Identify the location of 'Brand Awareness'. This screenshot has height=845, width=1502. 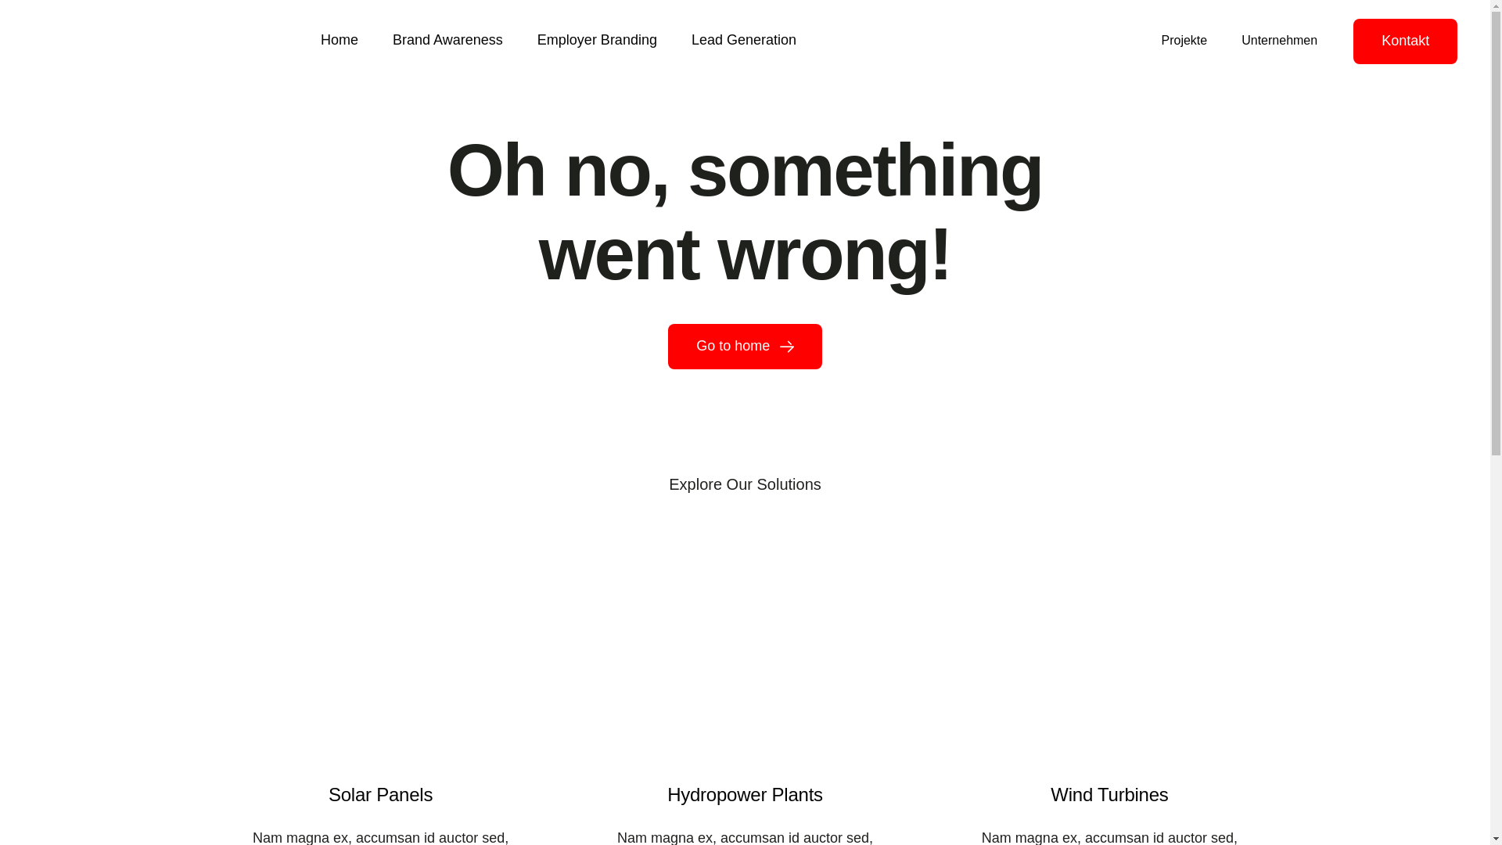
(447, 41).